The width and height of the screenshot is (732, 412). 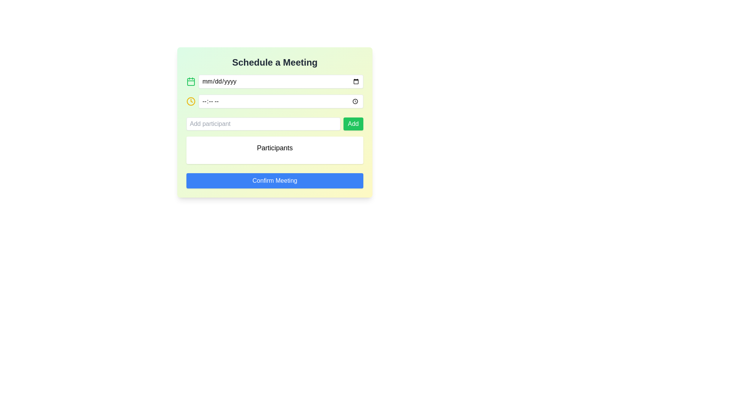 I want to click on the SVG rectangle component that forms the main body of the calendar icon, located to the left of the date input field at the top of the scheduling interface, so click(x=191, y=82).